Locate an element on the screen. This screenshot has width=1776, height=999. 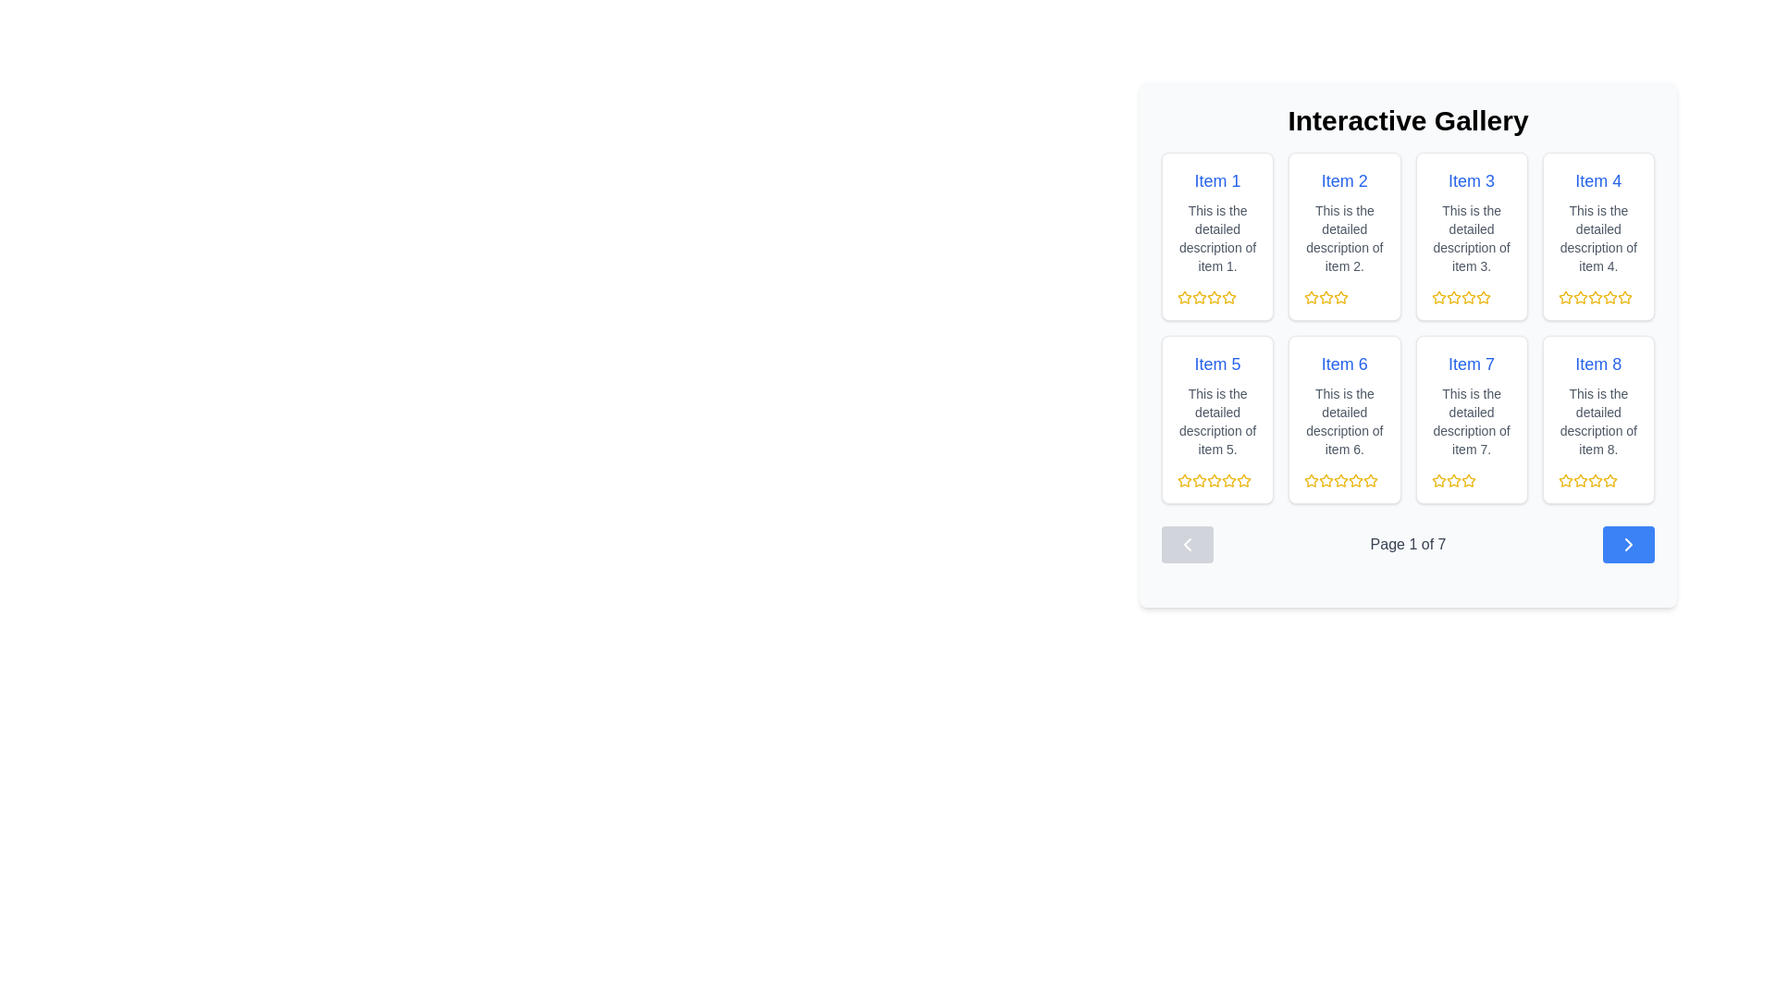
the first star icon is located at coordinates (1184, 295).